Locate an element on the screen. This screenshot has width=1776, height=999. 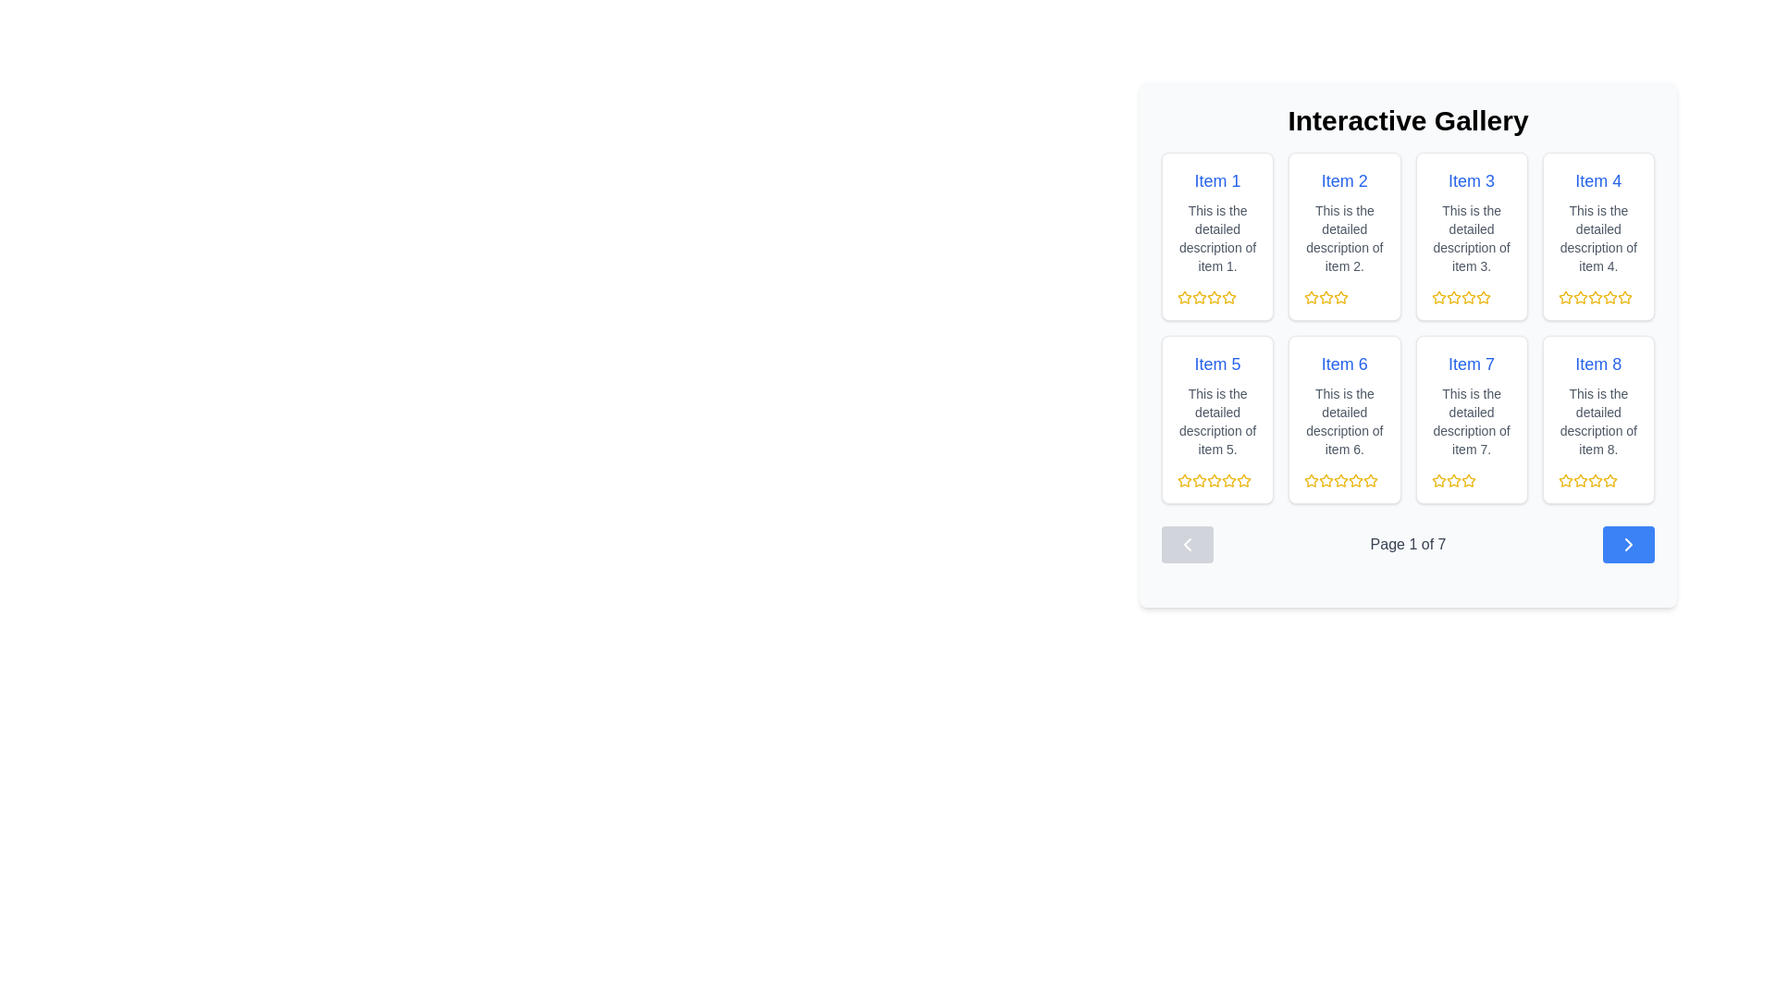
the first star icon is located at coordinates (1184, 295).